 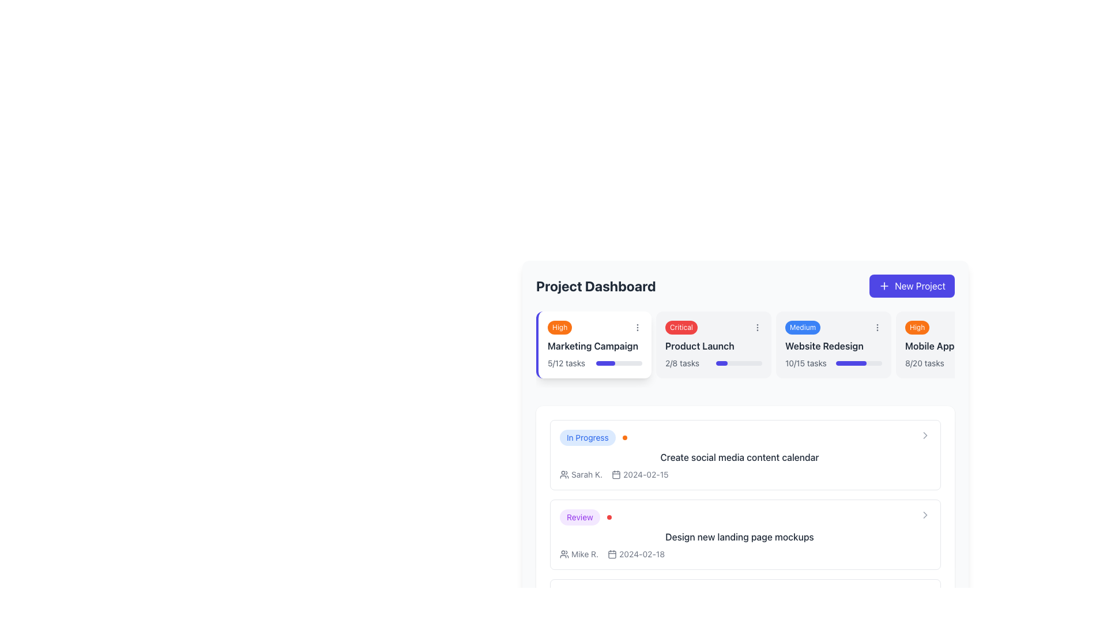 What do you see at coordinates (925, 515) in the screenshot?
I see `the rightward-pointing chevron icon button with a gray shade and thin outline` at bounding box center [925, 515].